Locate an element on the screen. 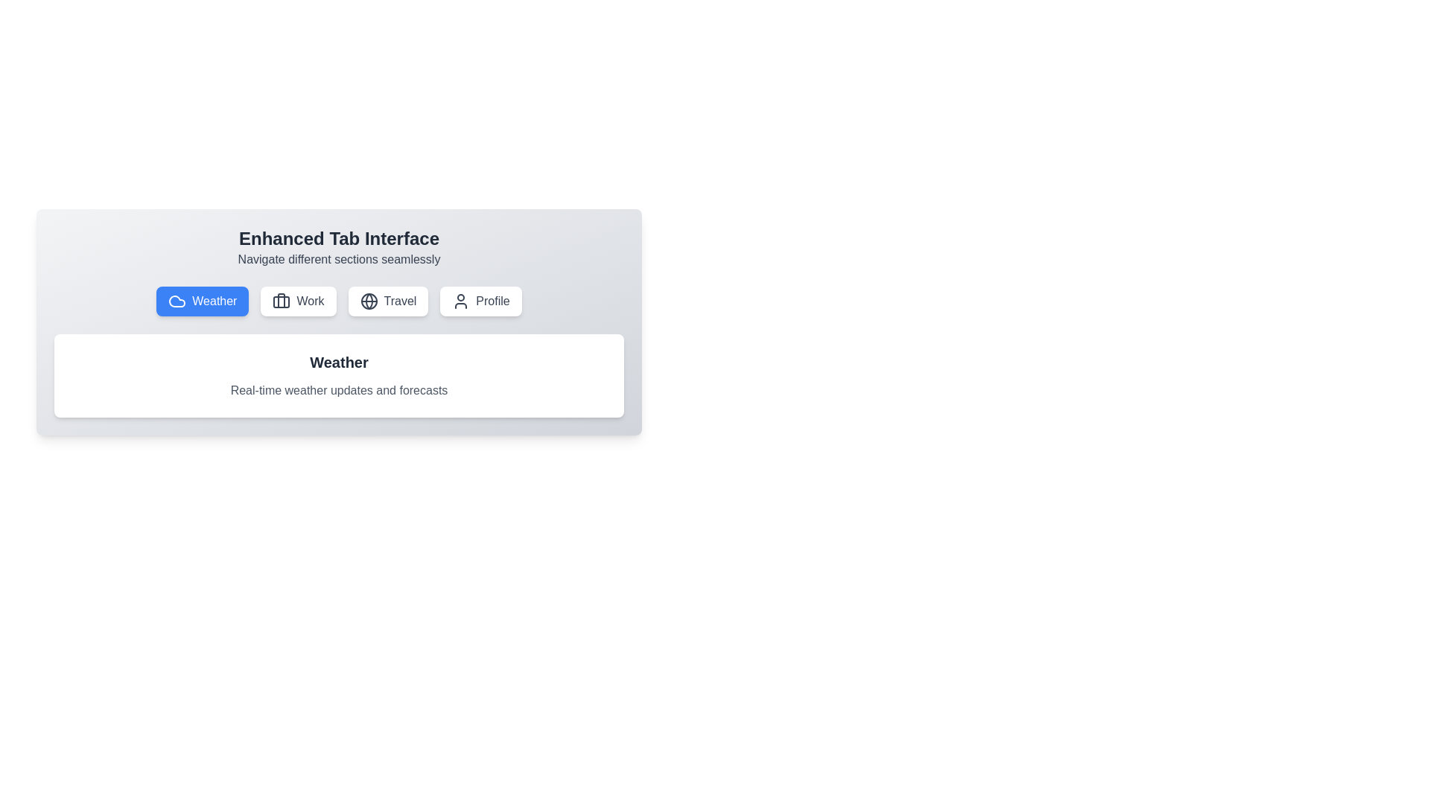  the tab labeled Profile is located at coordinates (481, 301).